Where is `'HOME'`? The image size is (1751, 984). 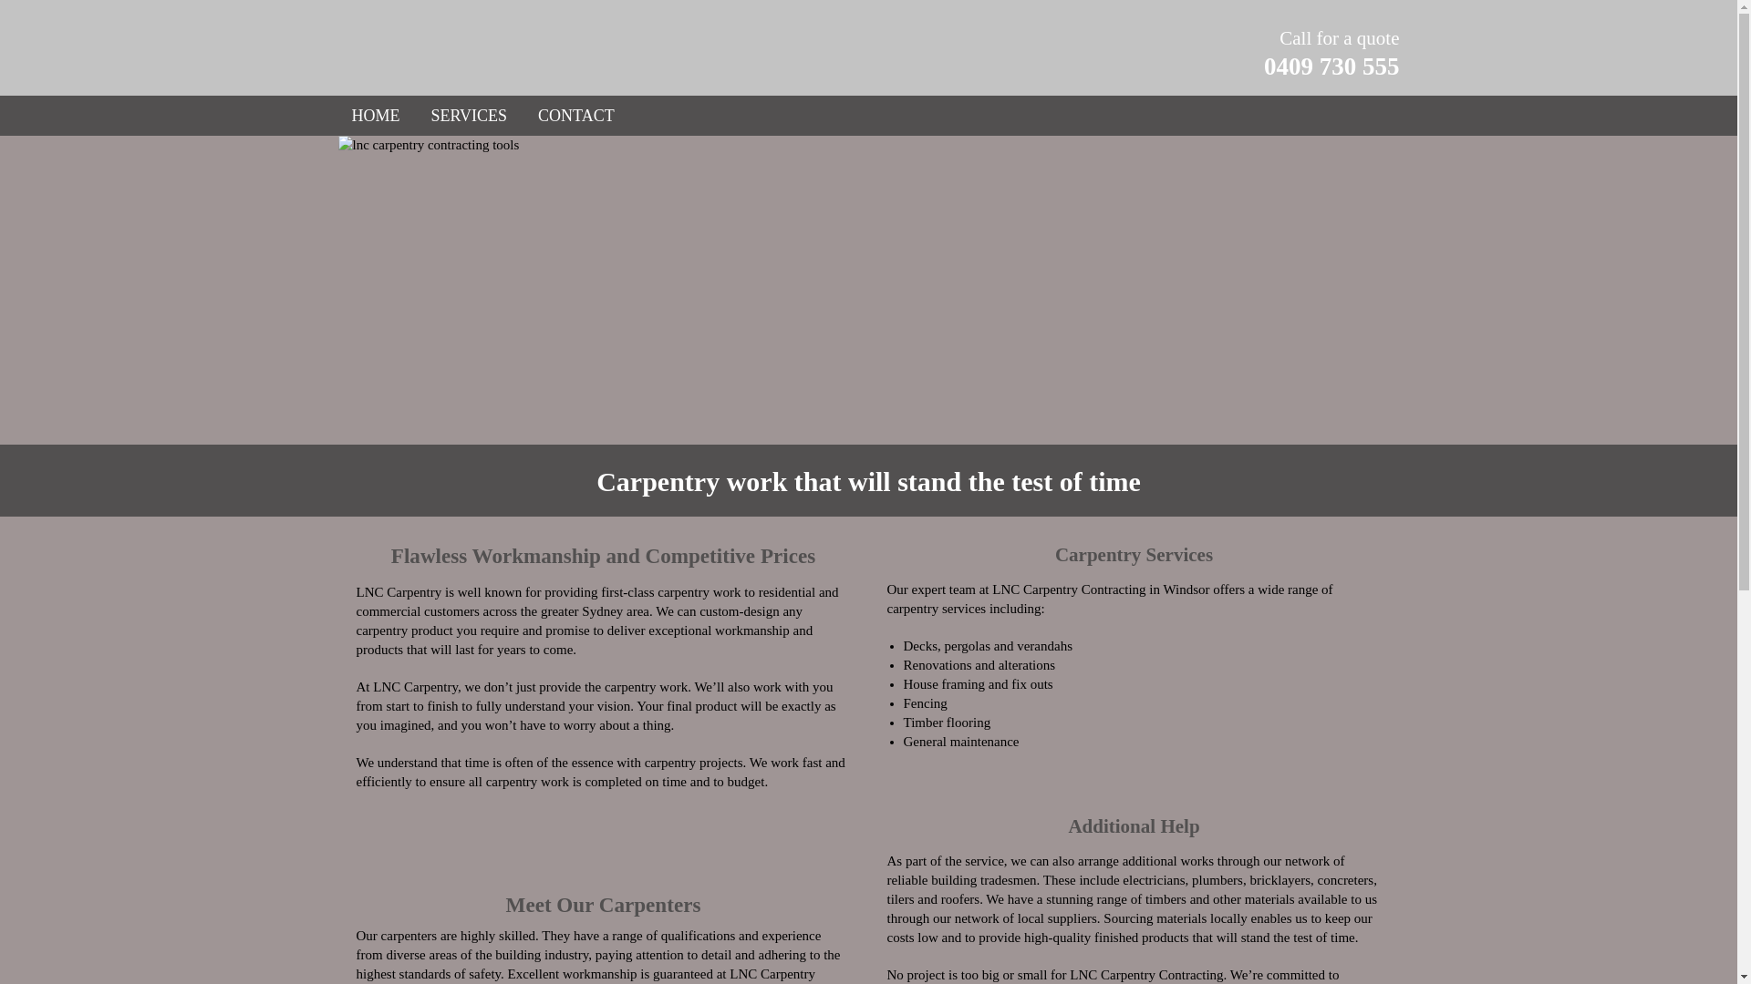 'HOME' is located at coordinates (375, 116).